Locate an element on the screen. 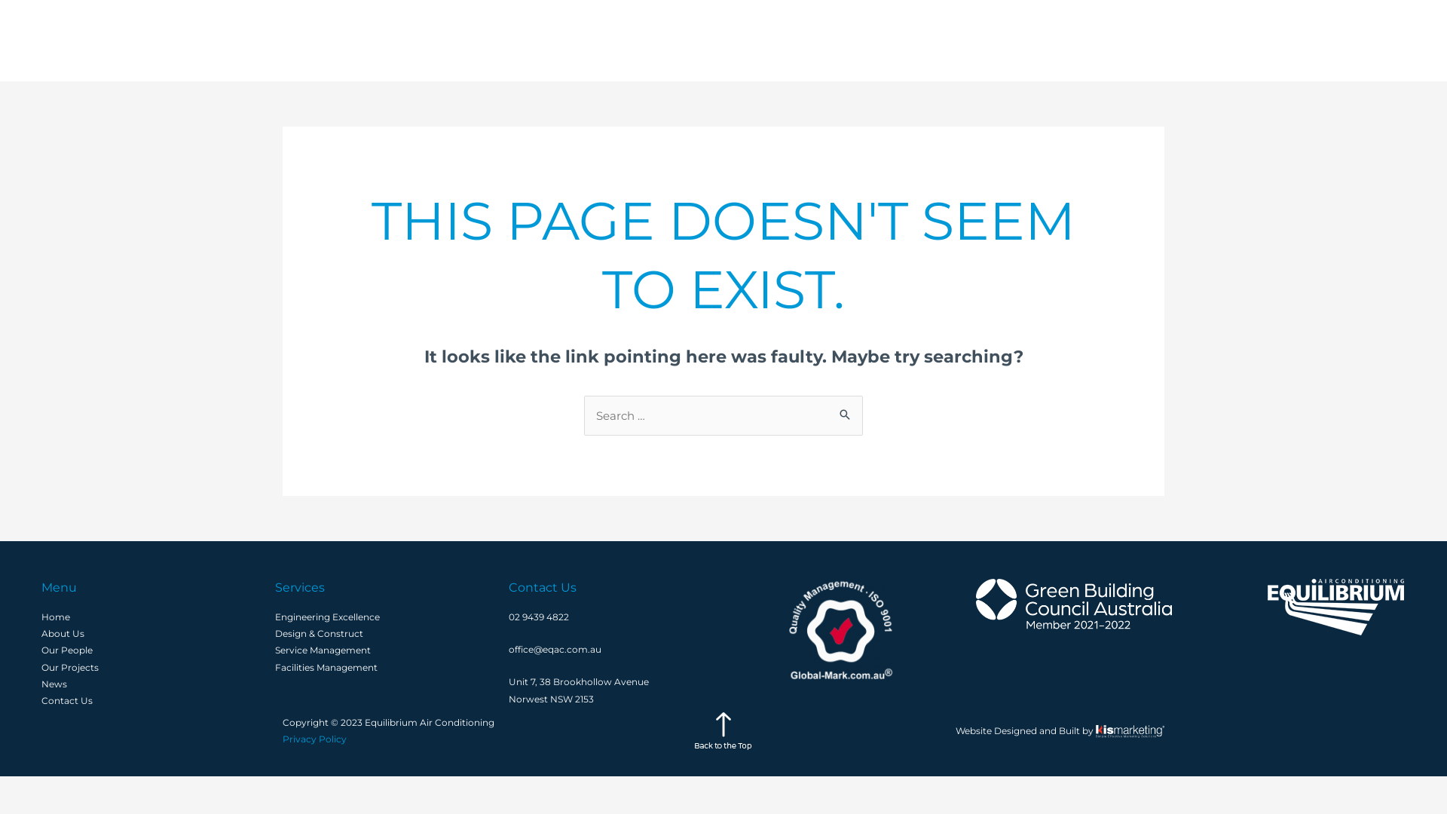  'Our Projects' is located at coordinates (69, 666).